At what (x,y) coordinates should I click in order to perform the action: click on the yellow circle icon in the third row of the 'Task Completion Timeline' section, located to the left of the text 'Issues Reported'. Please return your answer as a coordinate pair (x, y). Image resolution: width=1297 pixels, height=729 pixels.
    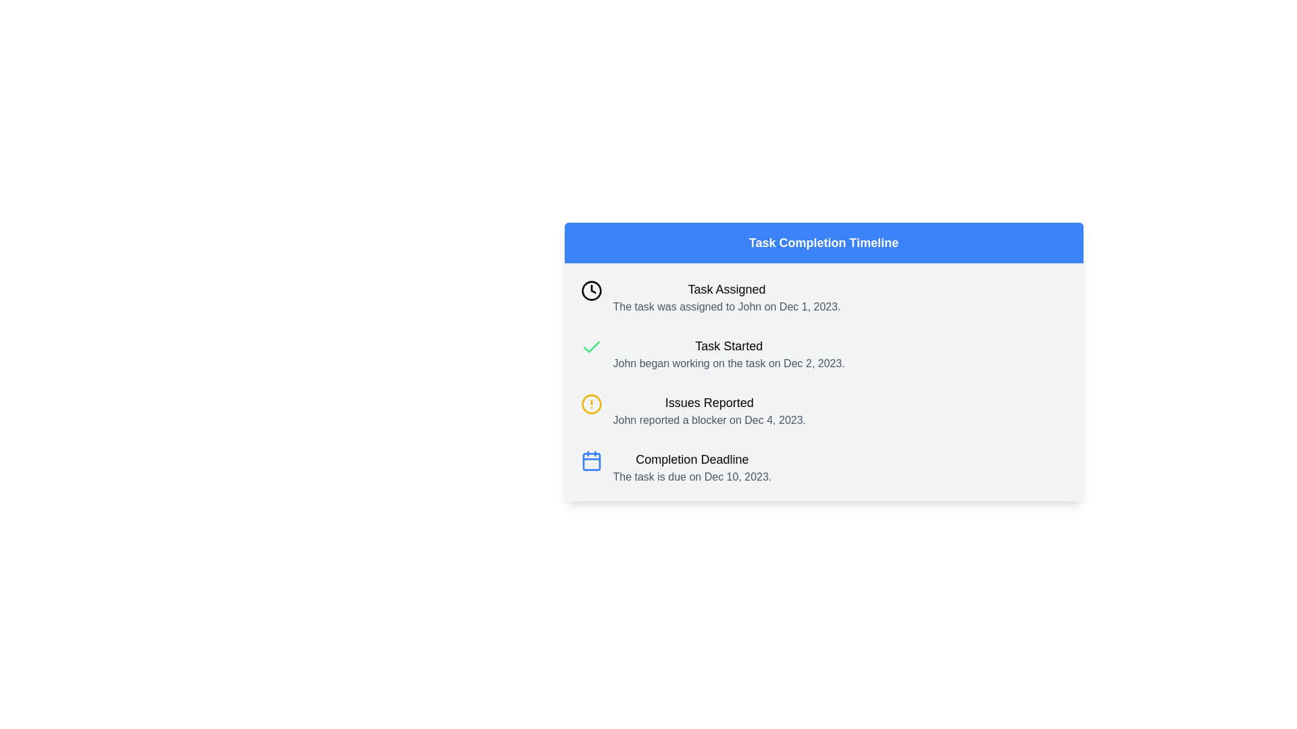
    Looking at the image, I should click on (591, 403).